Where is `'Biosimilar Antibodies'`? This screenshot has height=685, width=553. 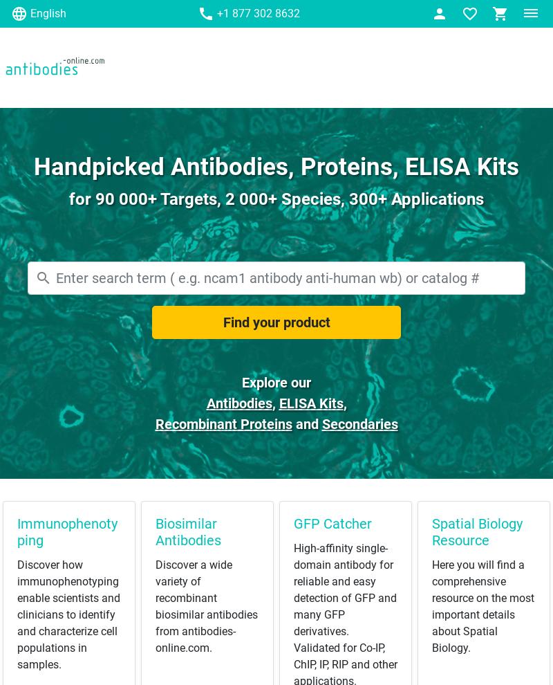
'Biosimilar Antibodies' is located at coordinates (188, 532).